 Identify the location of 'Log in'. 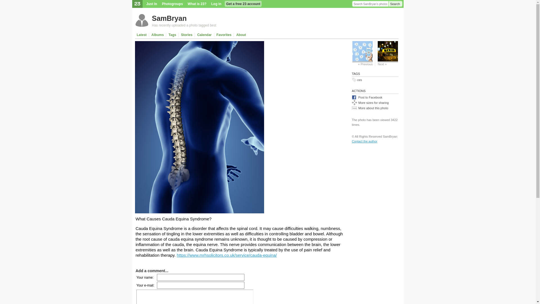
(216, 4).